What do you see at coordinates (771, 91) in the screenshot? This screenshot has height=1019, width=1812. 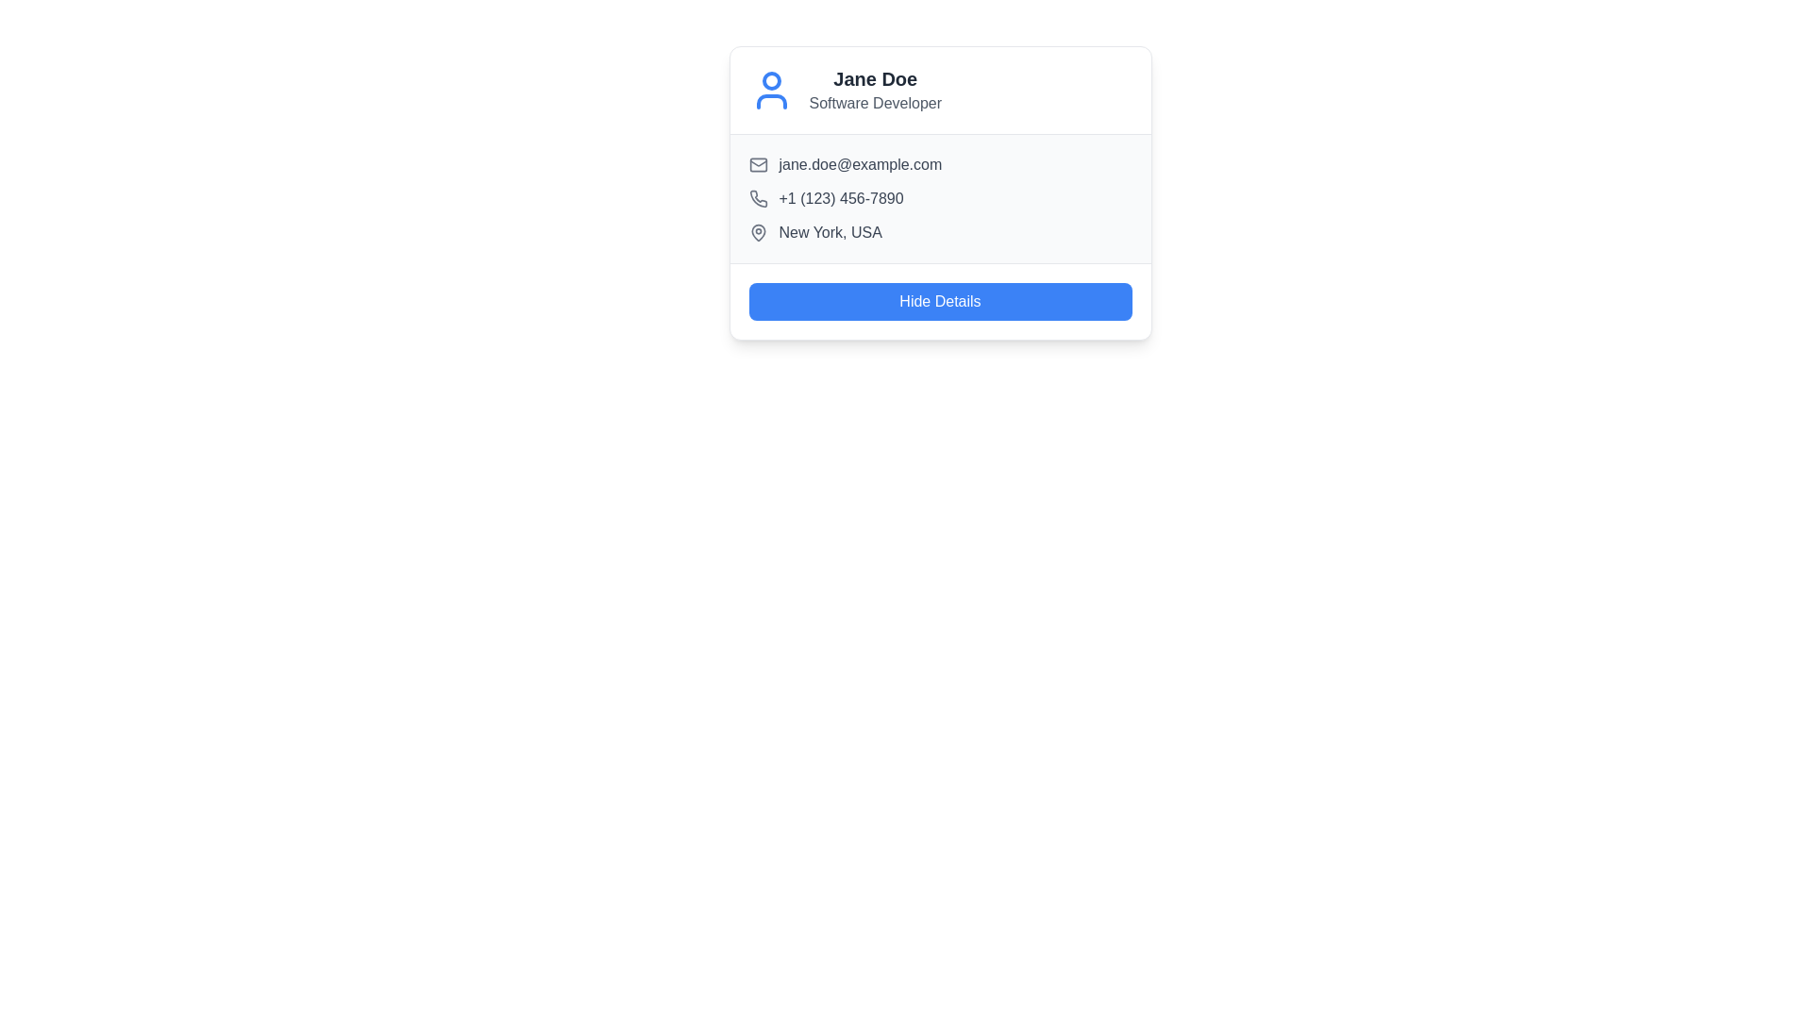 I see `the person icon in the top-left section of the card component, which is represented by a circular head and a simplified body with a blue outline` at bounding box center [771, 91].